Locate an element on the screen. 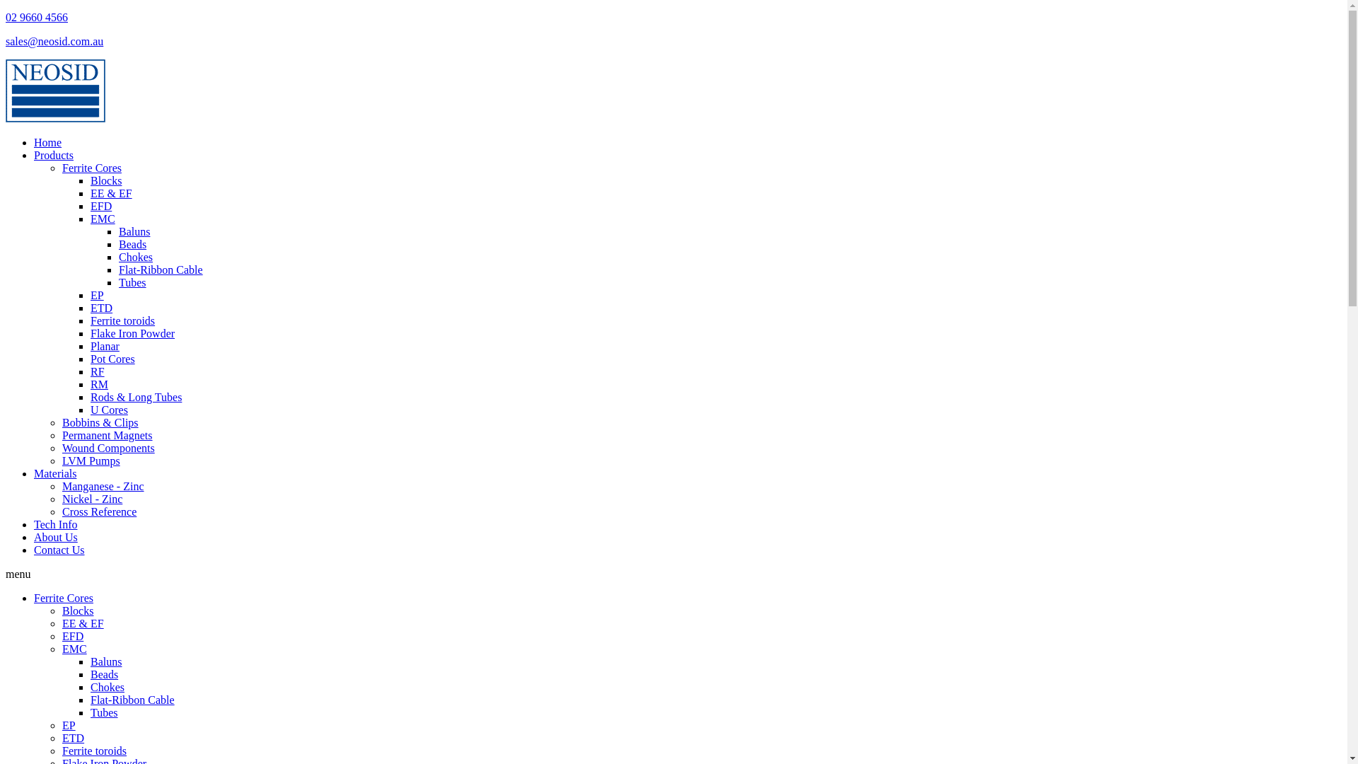  'EE & EF' is located at coordinates (82, 623).